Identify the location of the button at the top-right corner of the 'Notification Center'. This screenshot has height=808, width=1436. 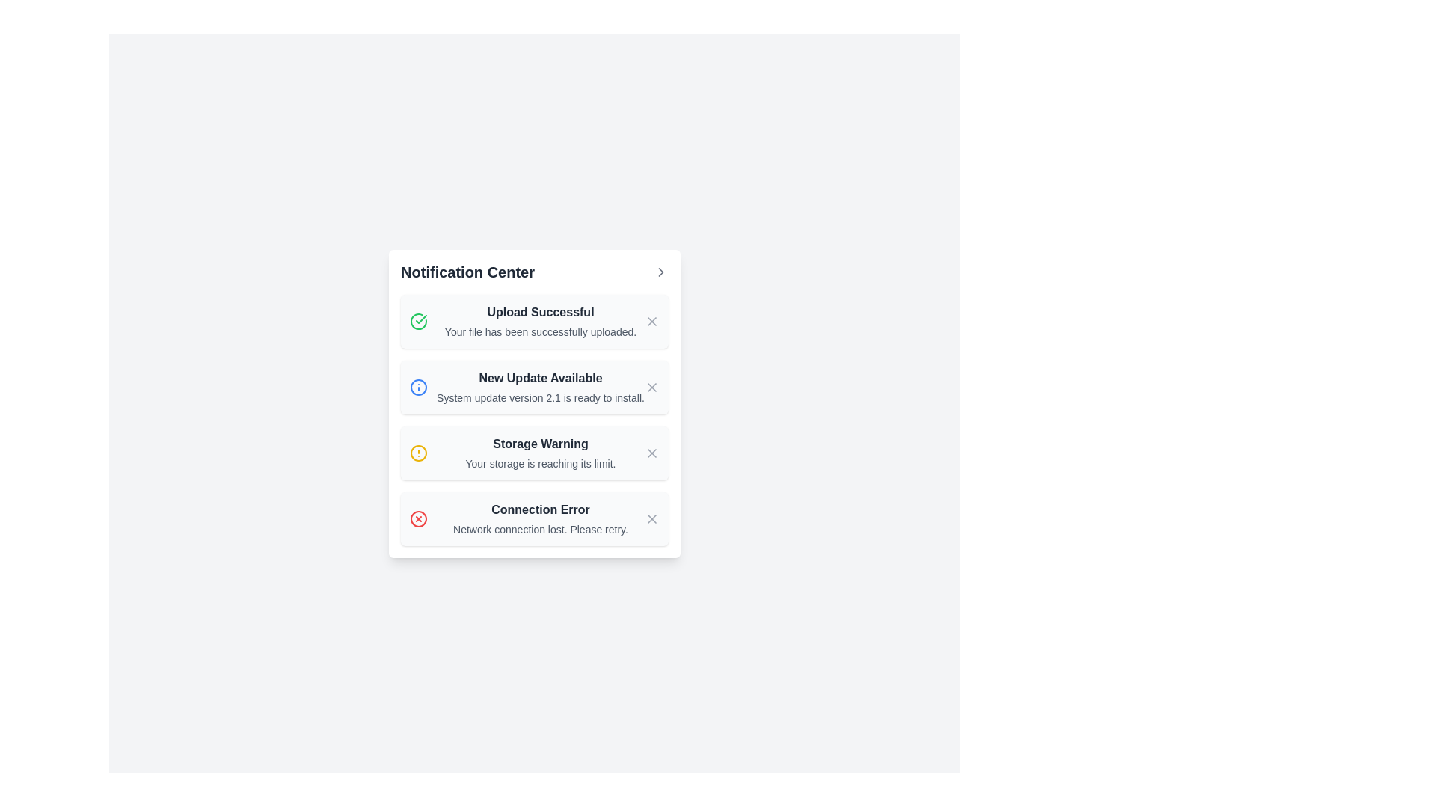
(660, 272).